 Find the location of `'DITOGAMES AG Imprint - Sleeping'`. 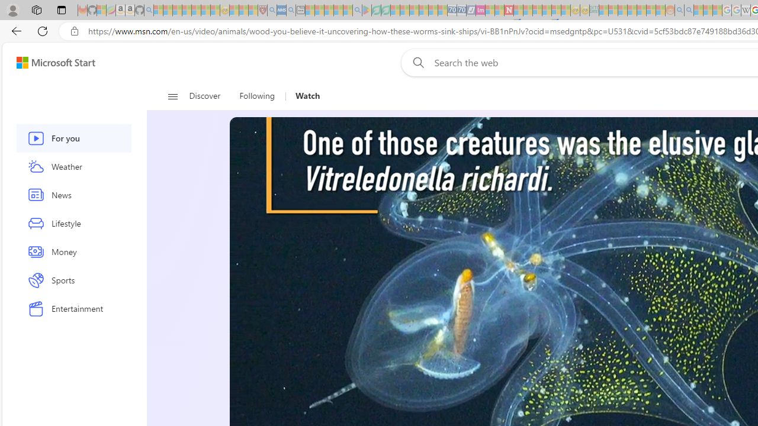

'DITOGAMES AG Imprint - Sleeping' is located at coordinates (594, 10).